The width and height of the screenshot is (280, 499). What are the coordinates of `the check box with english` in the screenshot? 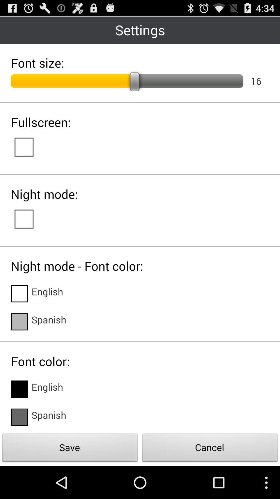 It's located at (19, 293).